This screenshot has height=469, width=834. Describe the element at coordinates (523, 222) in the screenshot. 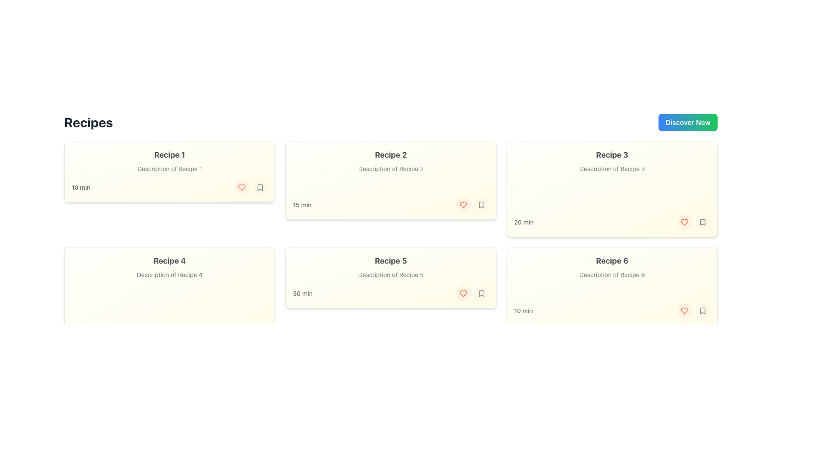

I see `the static text displaying '20 min' in gray font, located within the 'Recipe 3' card in the top-right section of the interface` at that location.